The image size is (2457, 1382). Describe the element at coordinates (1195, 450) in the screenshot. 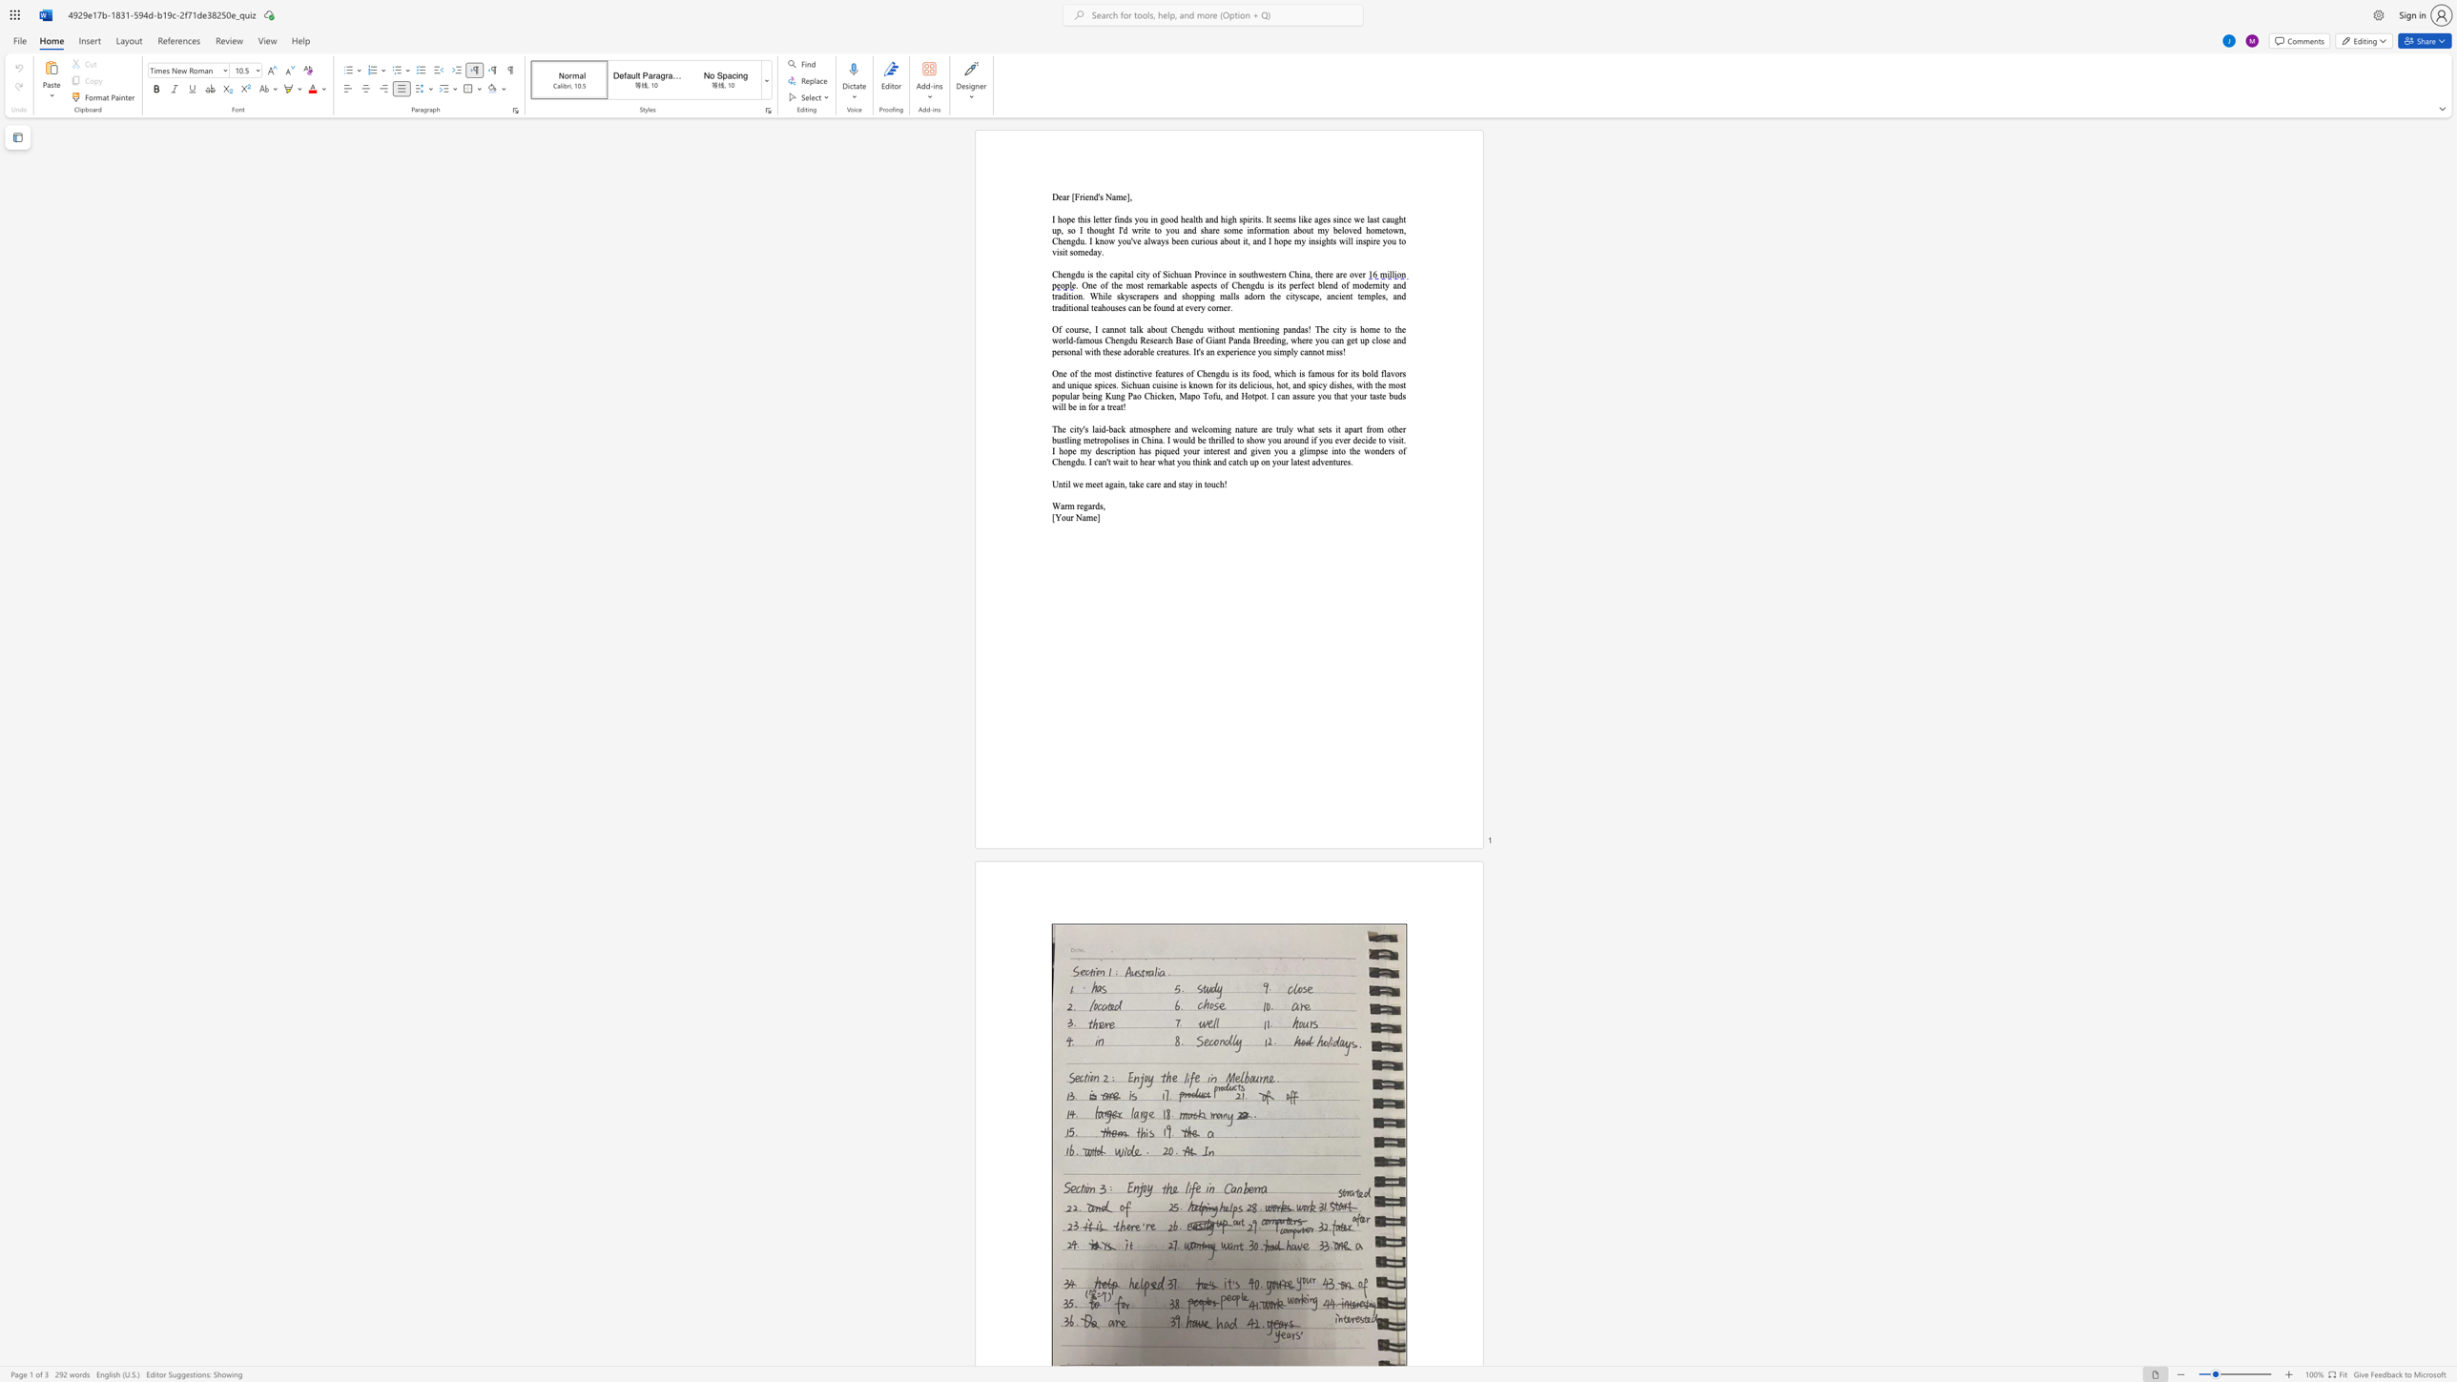

I see `the subset text "r interest and given you a glimps" within the text "The city"` at that location.